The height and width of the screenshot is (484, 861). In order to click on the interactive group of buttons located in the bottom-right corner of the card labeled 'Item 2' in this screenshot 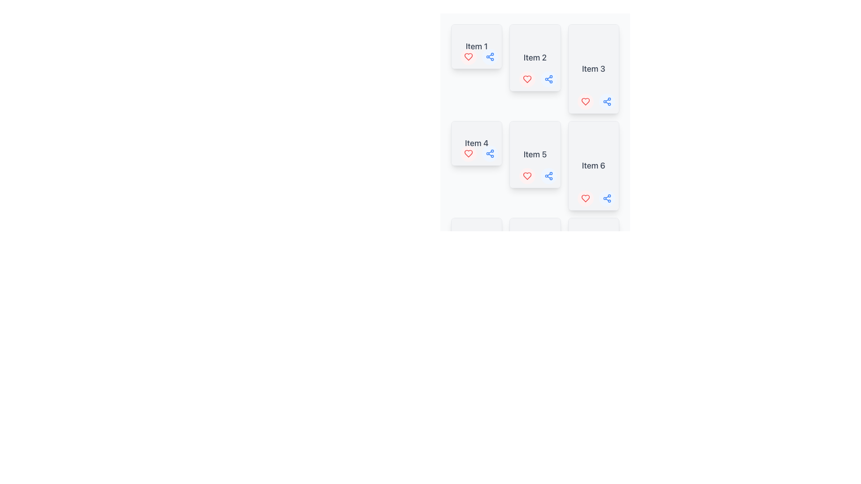, I will do `click(538, 79)`.